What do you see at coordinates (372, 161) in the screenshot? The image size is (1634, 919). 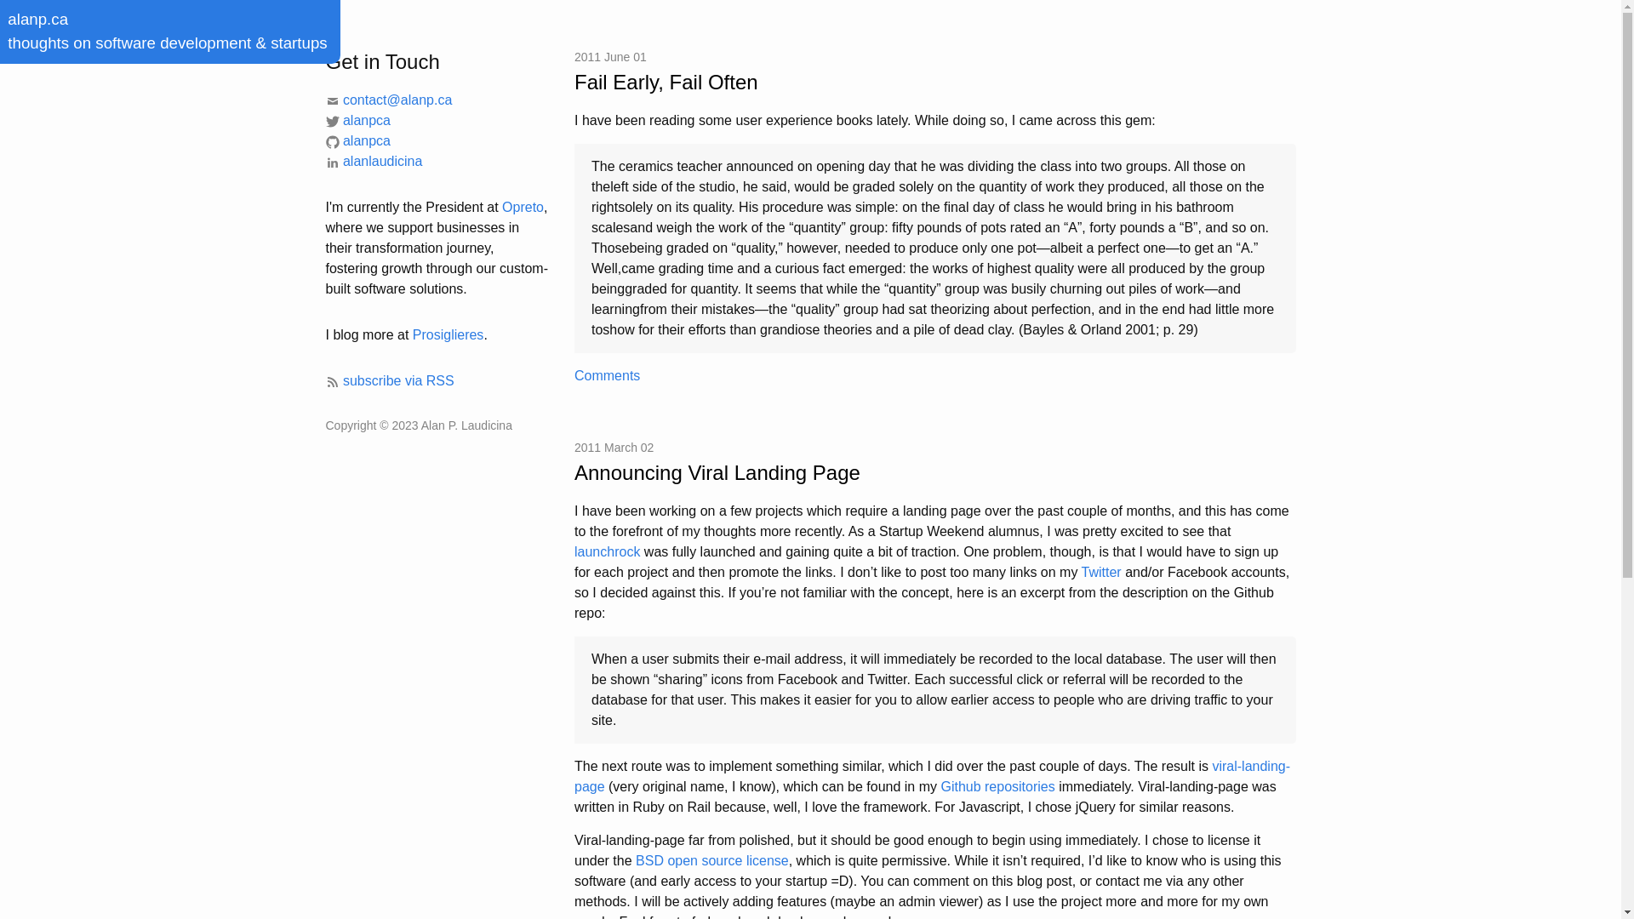 I see `'alanlaudicina'` at bounding box center [372, 161].